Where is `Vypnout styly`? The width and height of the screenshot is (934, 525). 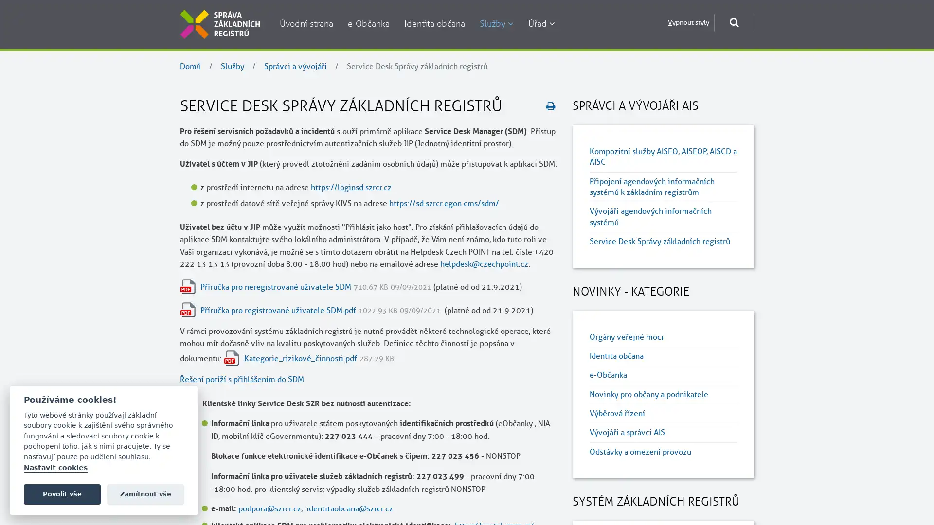 Vypnout styly is located at coordinates (688, 22).